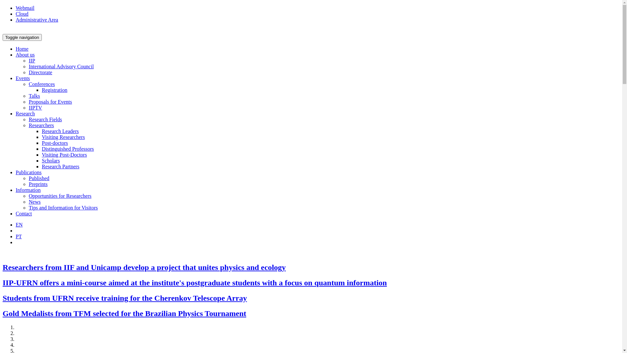 This screenshot has height=353, width=627. I want to click on 'EN', so click(19, 224).